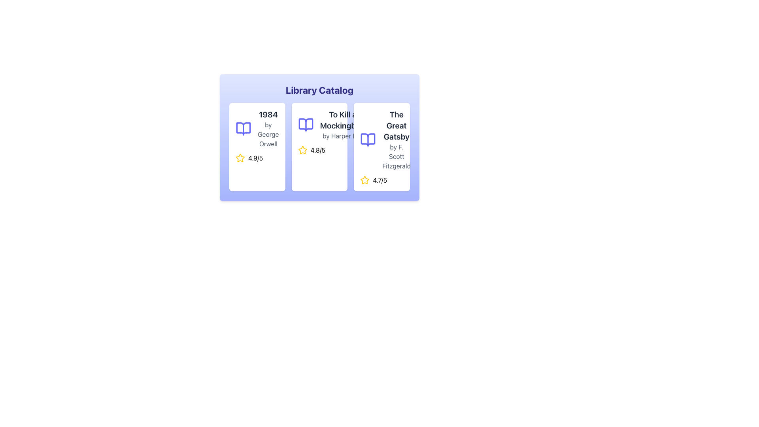 Image resolution: width=759 pixels, height=427 pixels. I want to click on the card representing a book in the library catalog, located in the rightmost column of the grid layout, so click(382, 147).